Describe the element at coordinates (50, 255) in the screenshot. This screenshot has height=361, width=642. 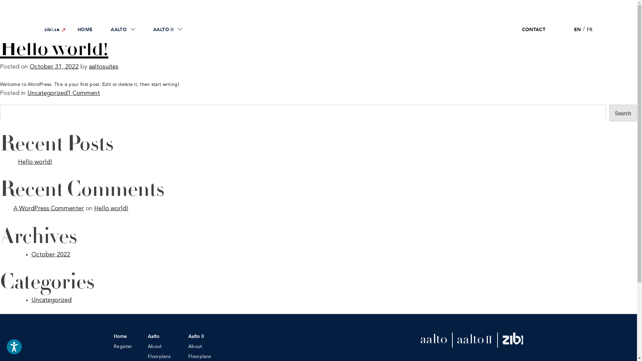
I see `'October 2022'` at that location.